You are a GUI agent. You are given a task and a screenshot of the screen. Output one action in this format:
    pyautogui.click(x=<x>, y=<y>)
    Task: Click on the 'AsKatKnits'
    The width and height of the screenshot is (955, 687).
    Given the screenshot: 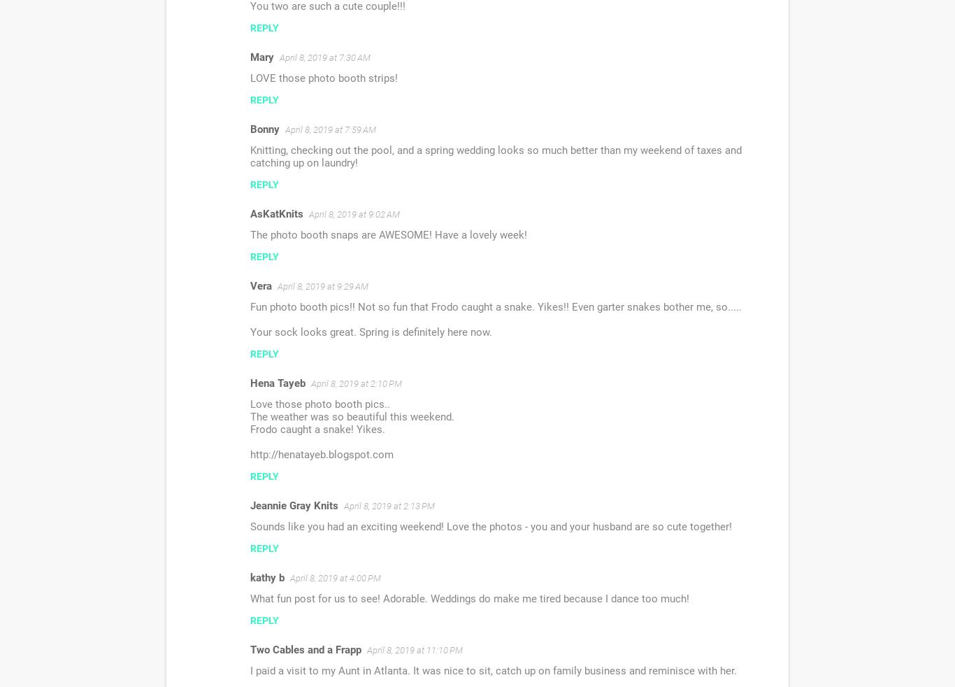 What is the action you would take?
    pyautogui.click(x=276, y=213)
    